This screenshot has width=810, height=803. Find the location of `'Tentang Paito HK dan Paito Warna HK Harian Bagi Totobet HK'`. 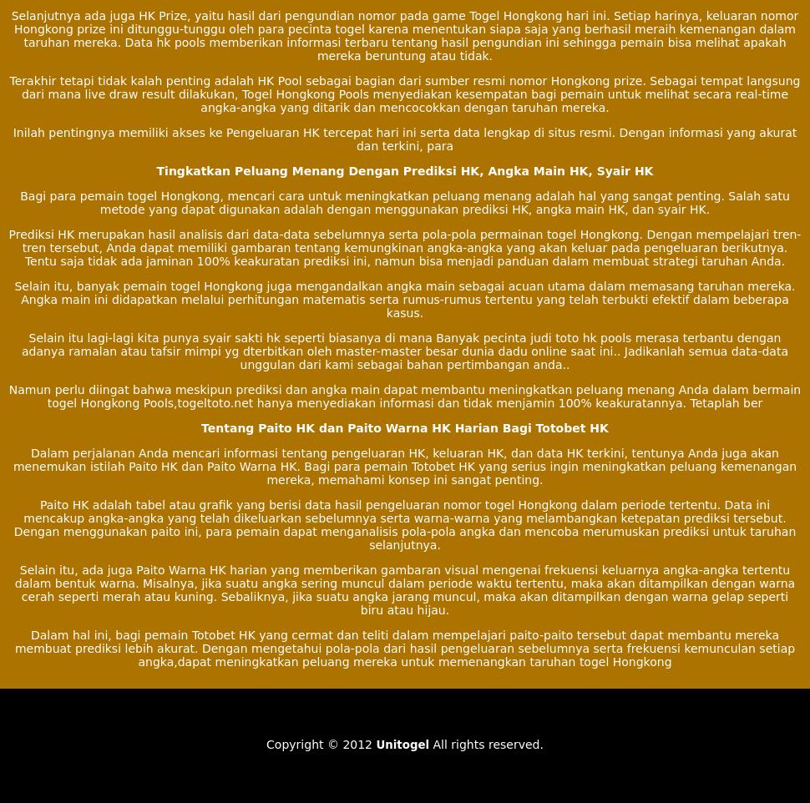

'Tentang Paito HK dan Paito Warna HK Harian Bagi Totobet HK' is located at coordinates (403, 426).